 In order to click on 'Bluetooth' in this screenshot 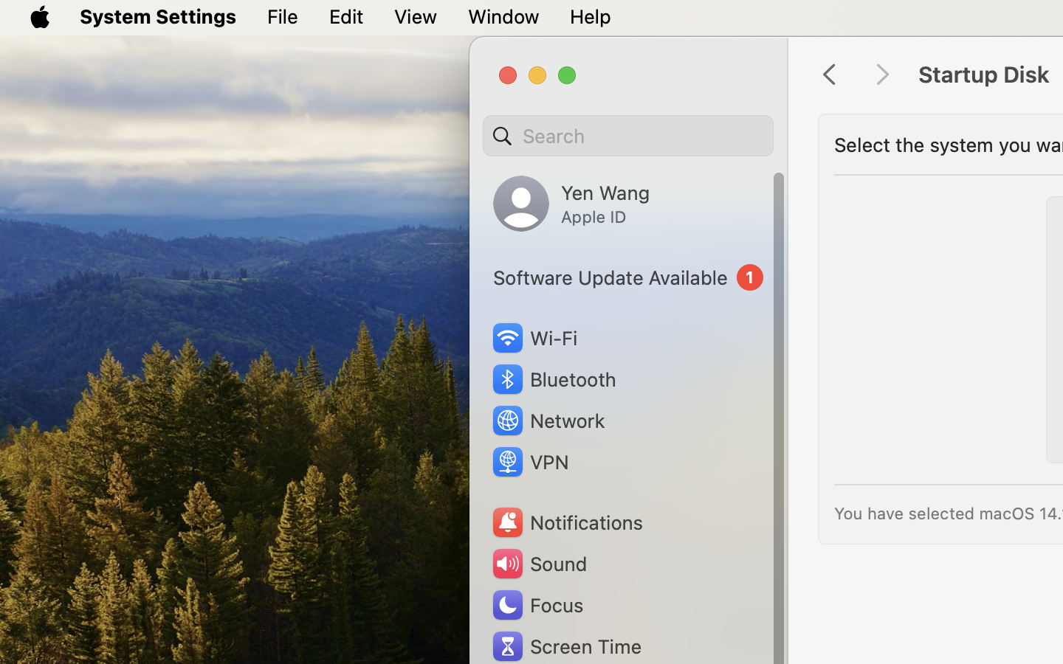, I will do `click(552, 378)`.